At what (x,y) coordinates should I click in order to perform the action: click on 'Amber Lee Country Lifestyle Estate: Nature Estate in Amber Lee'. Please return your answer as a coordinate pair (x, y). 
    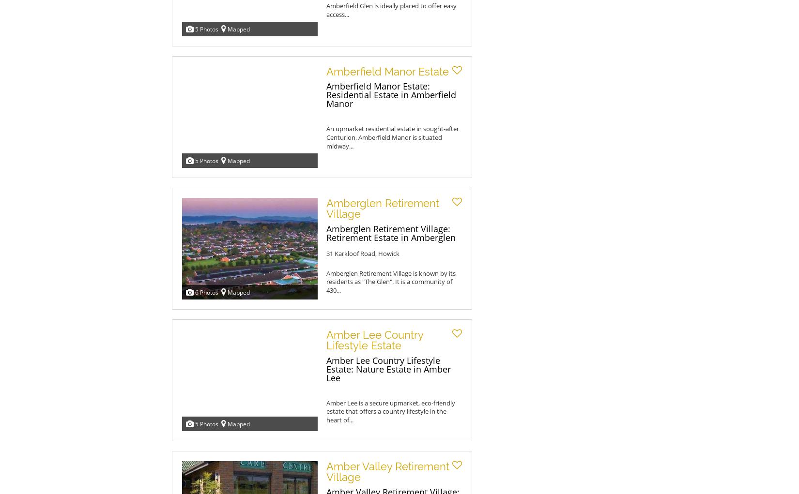
    Looking at the image, I should click on (388, 368).